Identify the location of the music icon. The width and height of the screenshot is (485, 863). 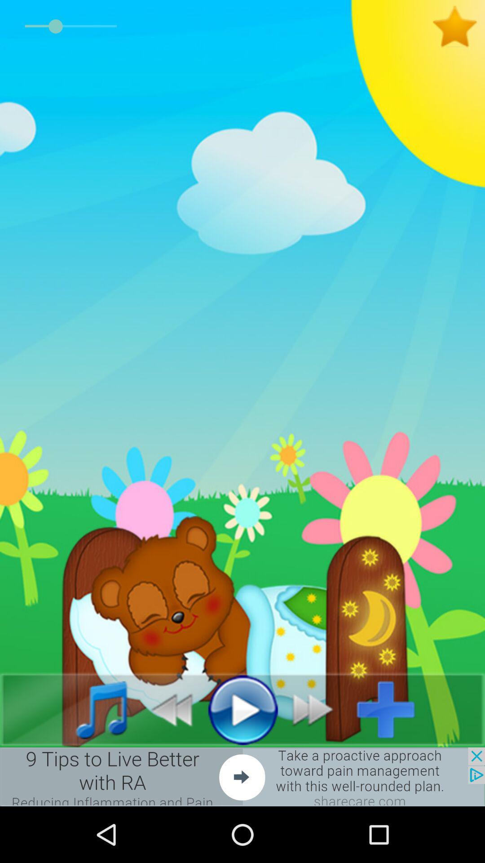
(92, 709).